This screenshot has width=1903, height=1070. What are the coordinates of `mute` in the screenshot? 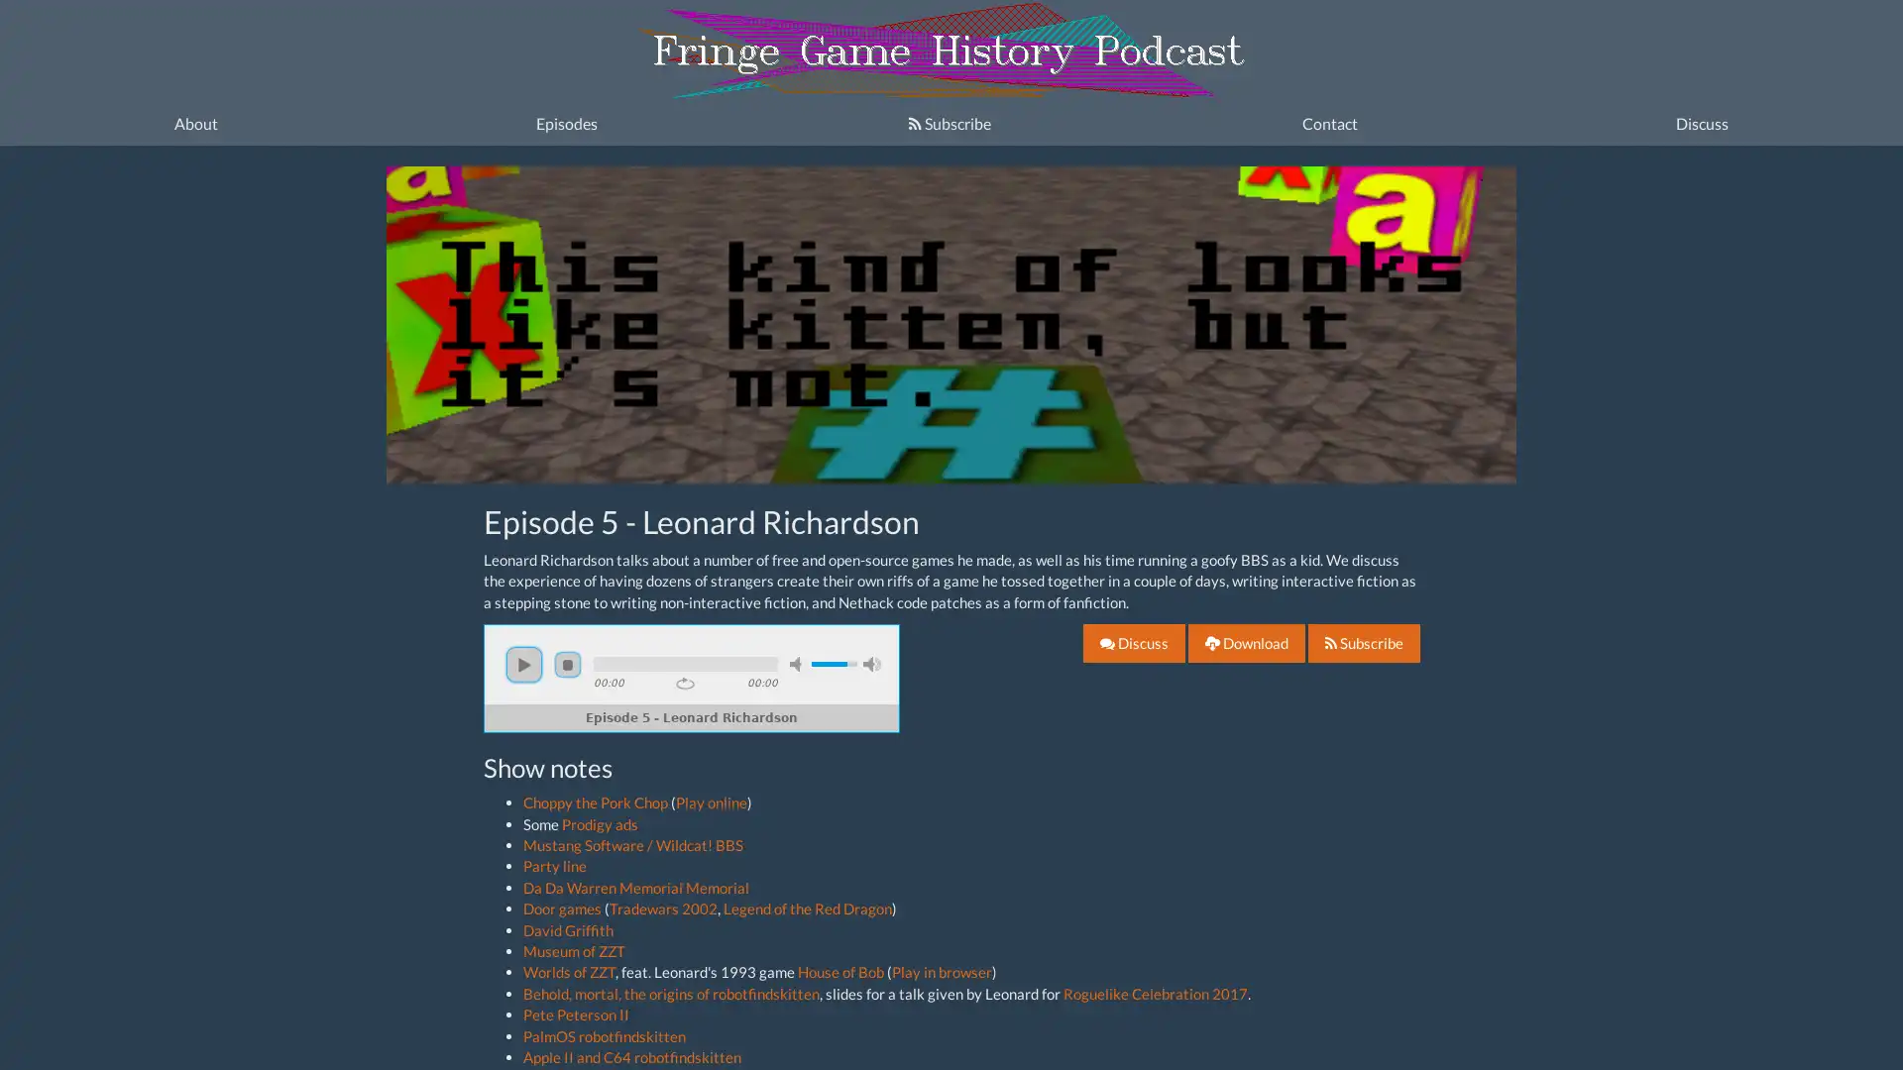 It's located at (798, 663).